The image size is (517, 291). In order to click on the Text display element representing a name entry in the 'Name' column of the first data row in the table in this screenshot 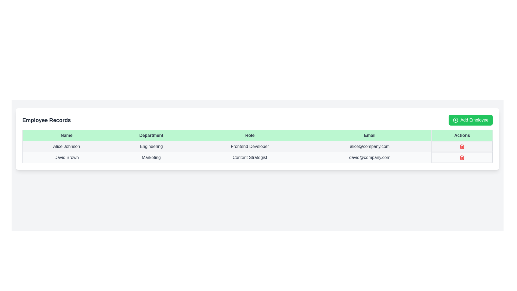, I will do `click(66, 146)`.